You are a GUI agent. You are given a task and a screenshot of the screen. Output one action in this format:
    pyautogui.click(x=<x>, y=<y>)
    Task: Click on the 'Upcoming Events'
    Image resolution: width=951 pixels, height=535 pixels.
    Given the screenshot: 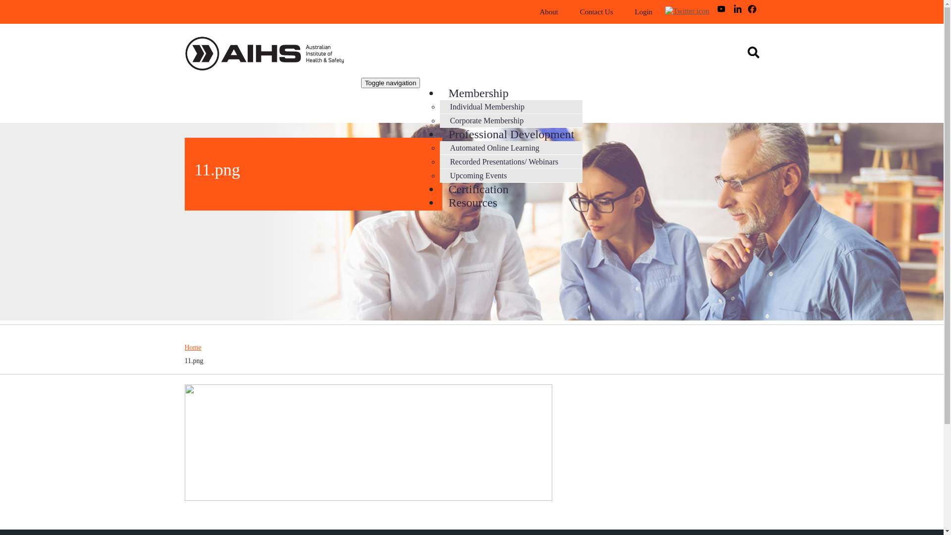 What is the action you would take?
    pyautogui.click(x=478, y=175)
    